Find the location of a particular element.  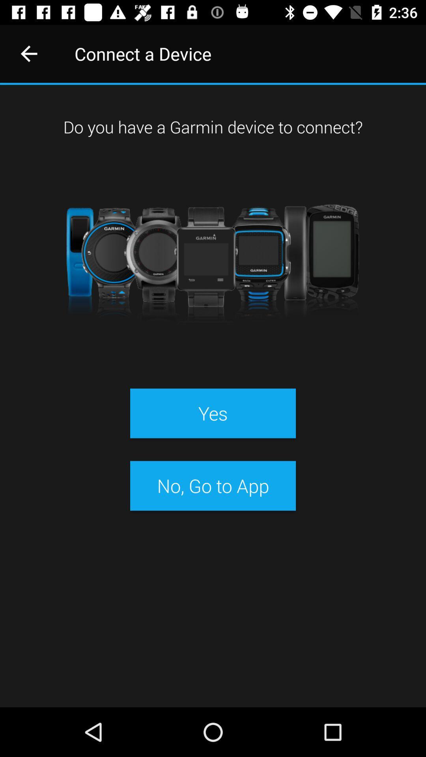

the item to the left of connect a device is located at coordinates (28, 53).